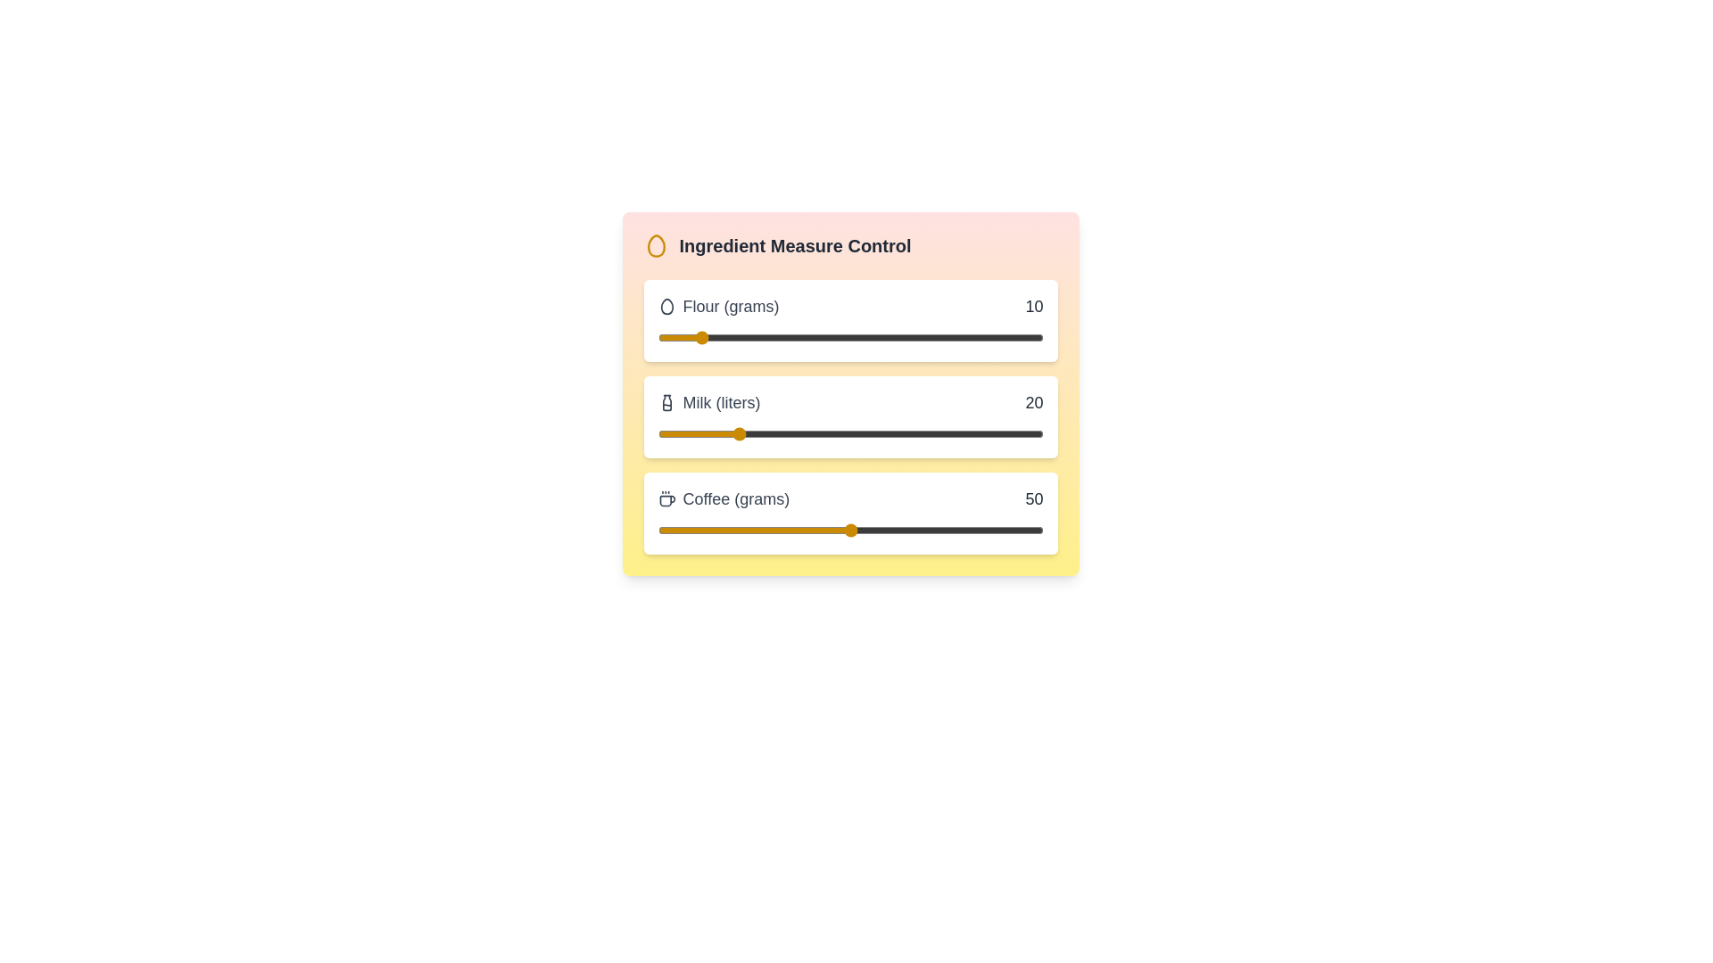  I want to click on the milk slider, so click(984, 433).